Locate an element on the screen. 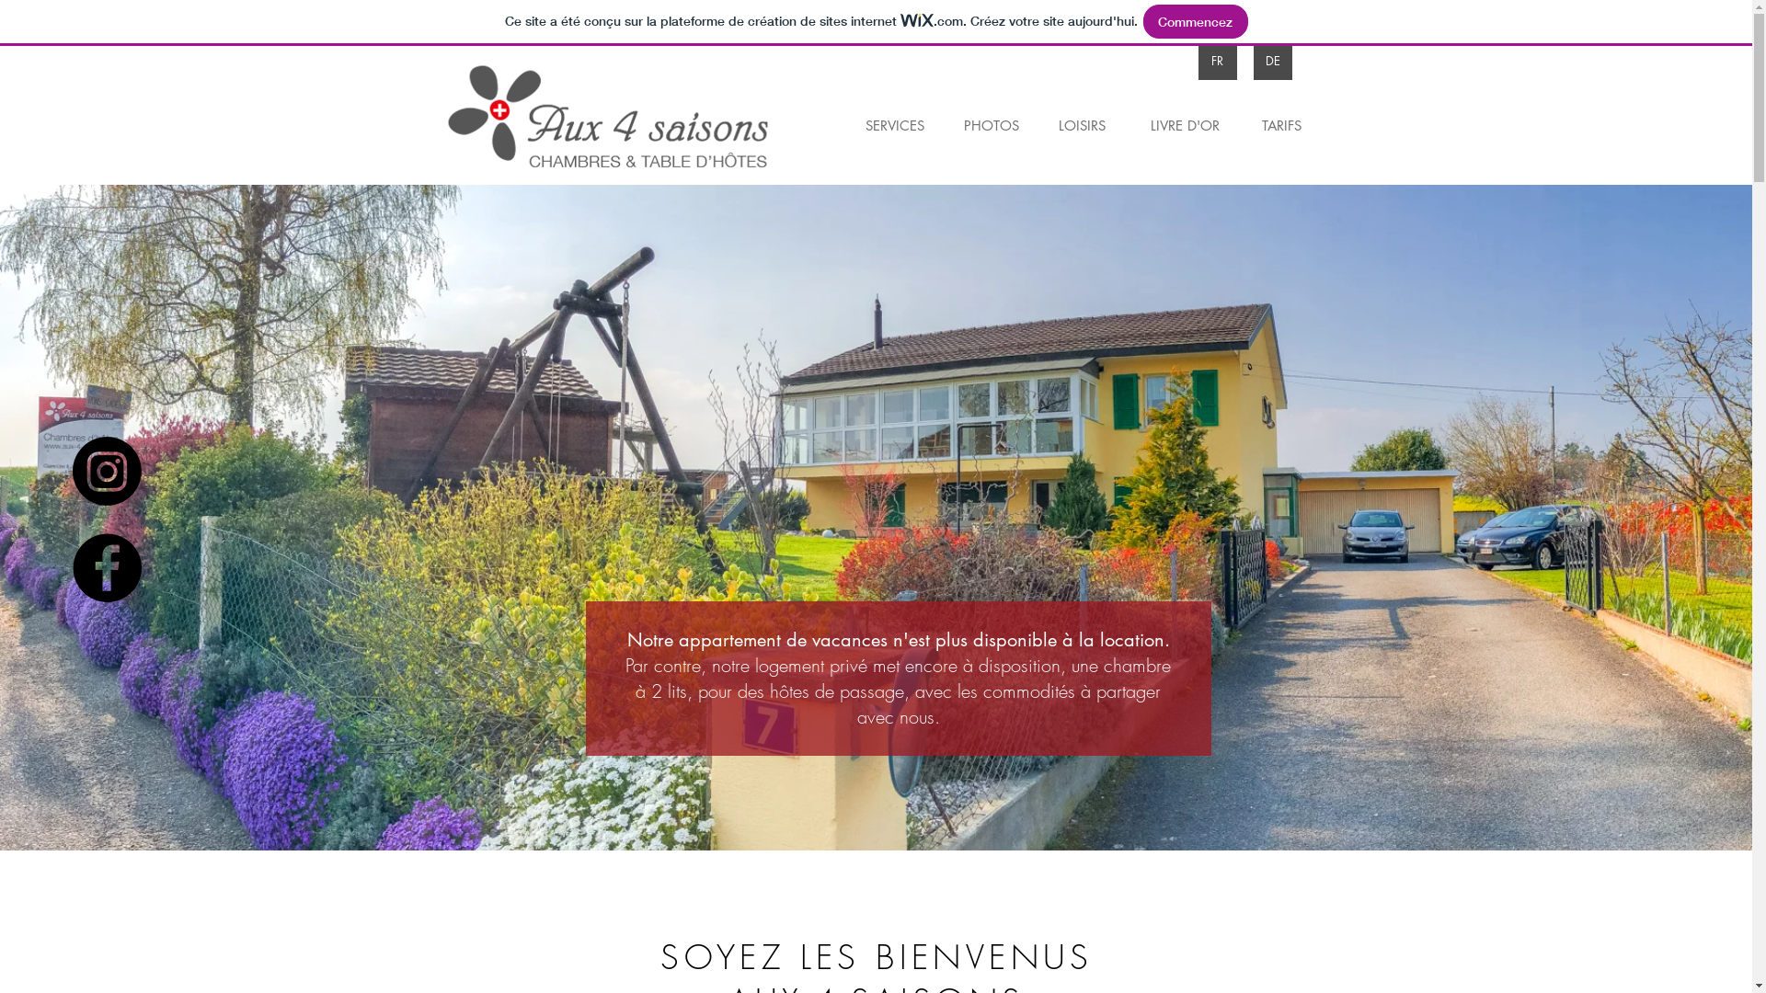 This screenshot has width=1766, height=993. 'TARIFS' is located at coordinates (1279, 124).